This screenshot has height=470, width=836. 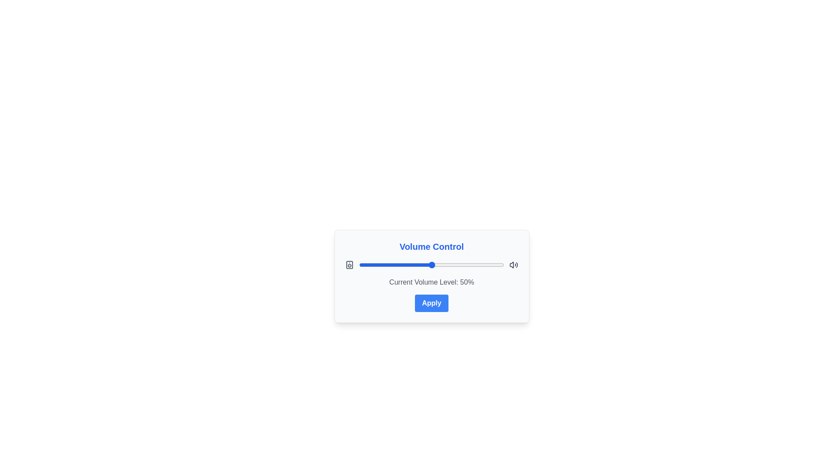 I want to click on the slider, so click(x=452, y=265).